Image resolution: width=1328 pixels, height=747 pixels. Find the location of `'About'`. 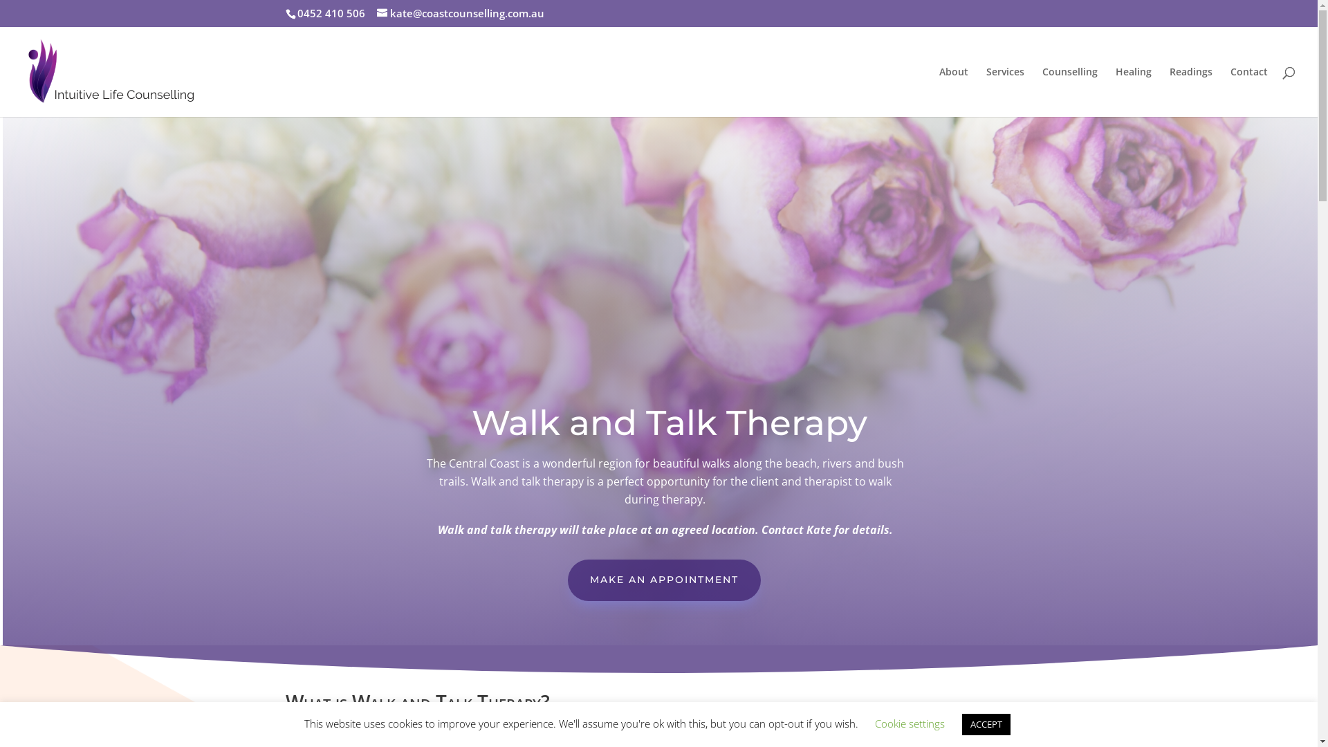

'About' is located at coordinates (939, 91).